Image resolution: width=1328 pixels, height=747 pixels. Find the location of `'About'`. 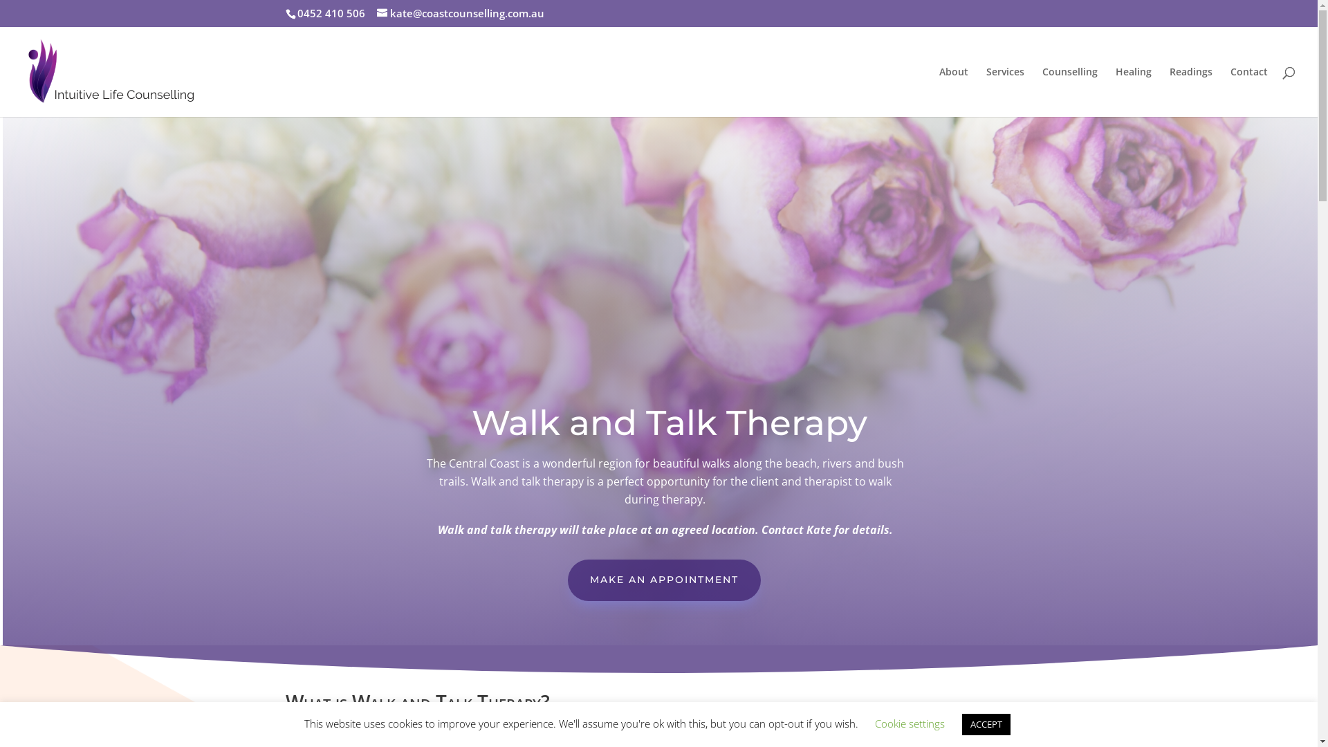

'About' is located at coordinates (939, 91).